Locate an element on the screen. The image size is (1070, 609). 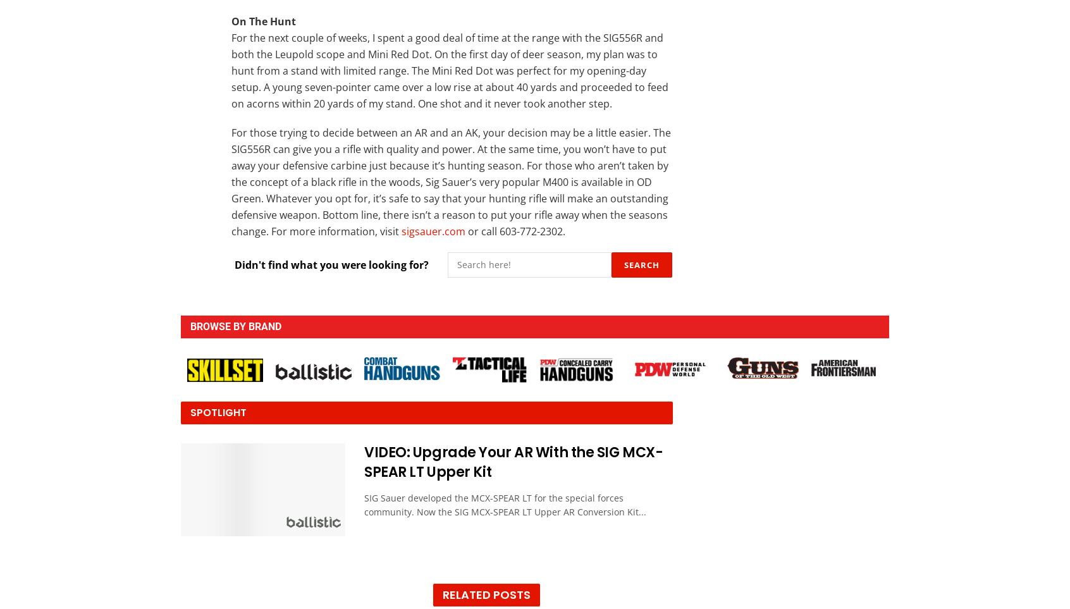
'For those trying to decide between an AR and an AK, your decision may be a little easier. The SIG556R can give you a rifle with quality and power. At the same time, you won’t have to put away your defensive carbine just because it’s hunting season. For those who aren’t taken by the concept of a black rifle in the woods, Sig Sauer’s very popular M400 is available in OD Green. Whatever you opt for, it’s safe to say that your hunting rifle will make an outstanding defensive weapon. Bottom line, there isn’t a reason to put your rifle away when the seasons change. For more information, visit' is located at coordinates (450, 180).